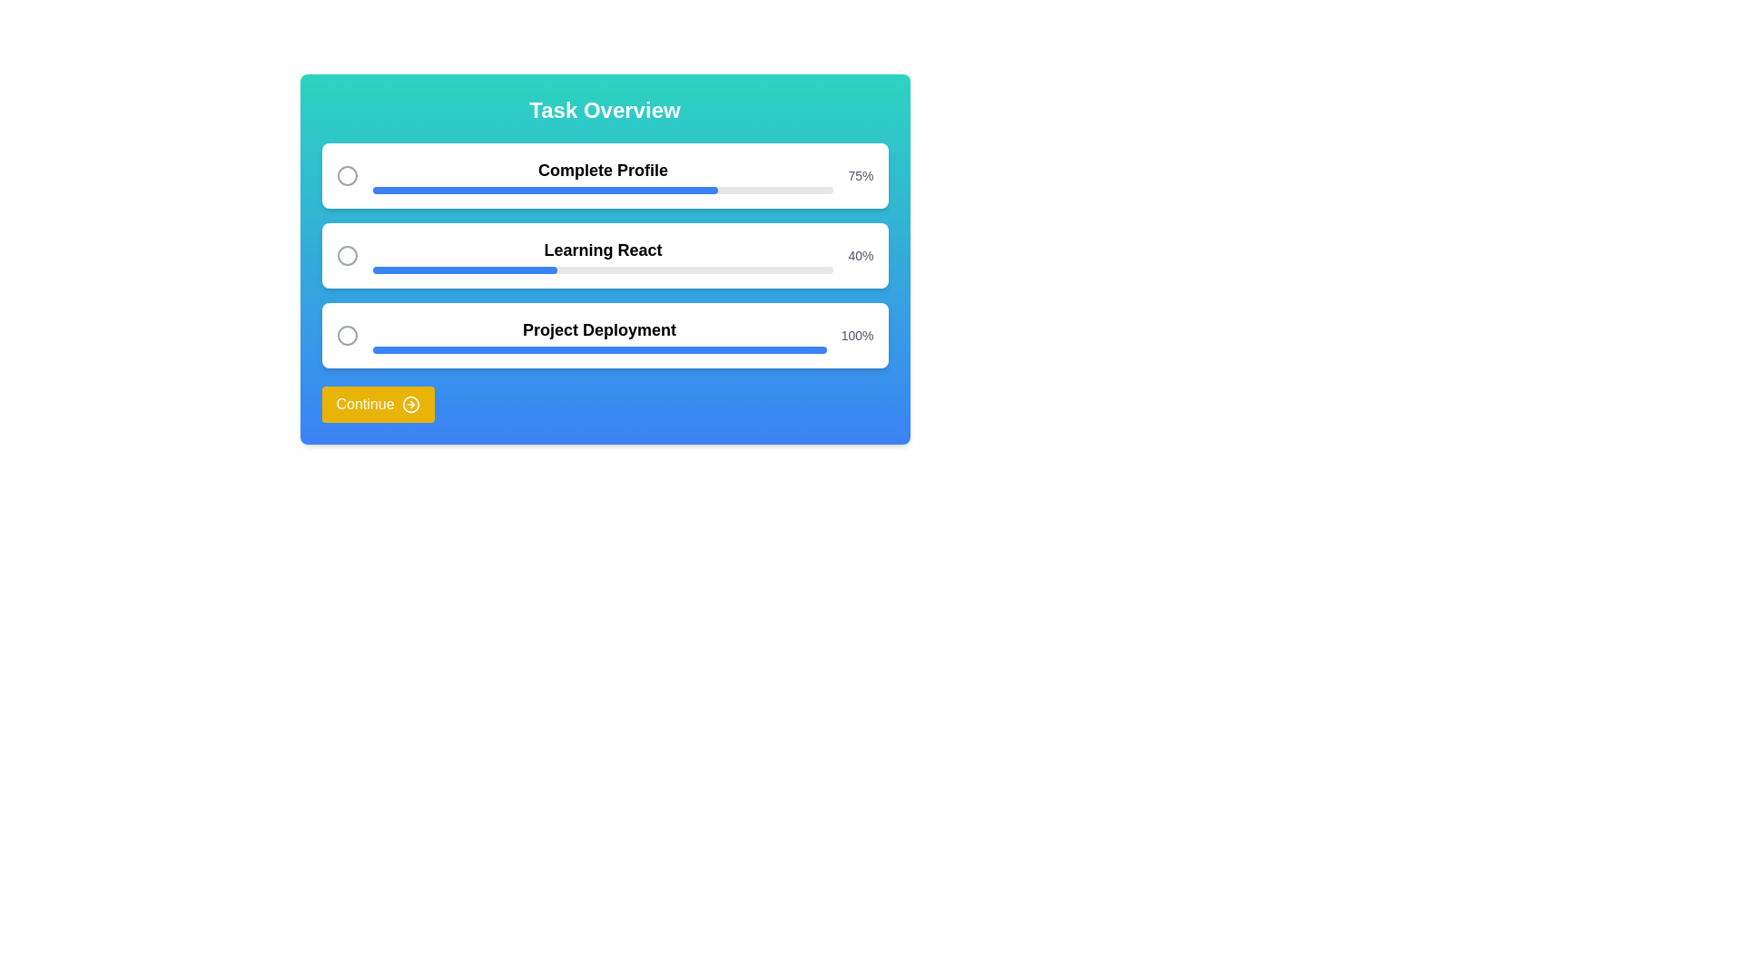 This screenshot has height=980, width=1743. Describe the element at coordinates (603, 255) in the screenshot. I see `the Progress Tracker labeled 'Learning React' to modify its progress indirectly` at that location.